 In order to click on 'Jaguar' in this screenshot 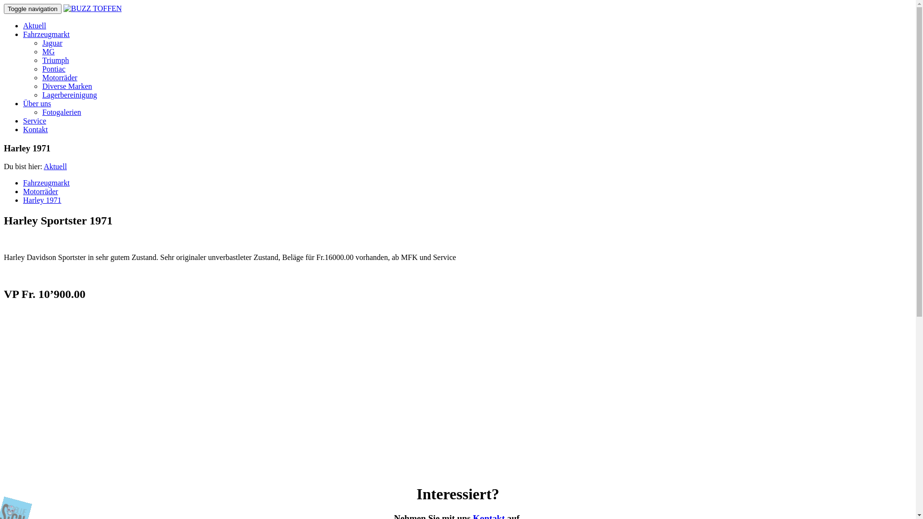, I will do `click(52, 42)`.